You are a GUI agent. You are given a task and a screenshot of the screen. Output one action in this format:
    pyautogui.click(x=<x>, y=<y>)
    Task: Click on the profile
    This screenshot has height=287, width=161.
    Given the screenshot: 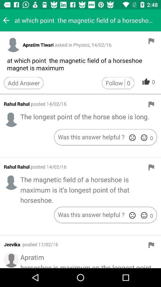 What is the action you would take?
    pyautogui.click(x=11, y=119)
    